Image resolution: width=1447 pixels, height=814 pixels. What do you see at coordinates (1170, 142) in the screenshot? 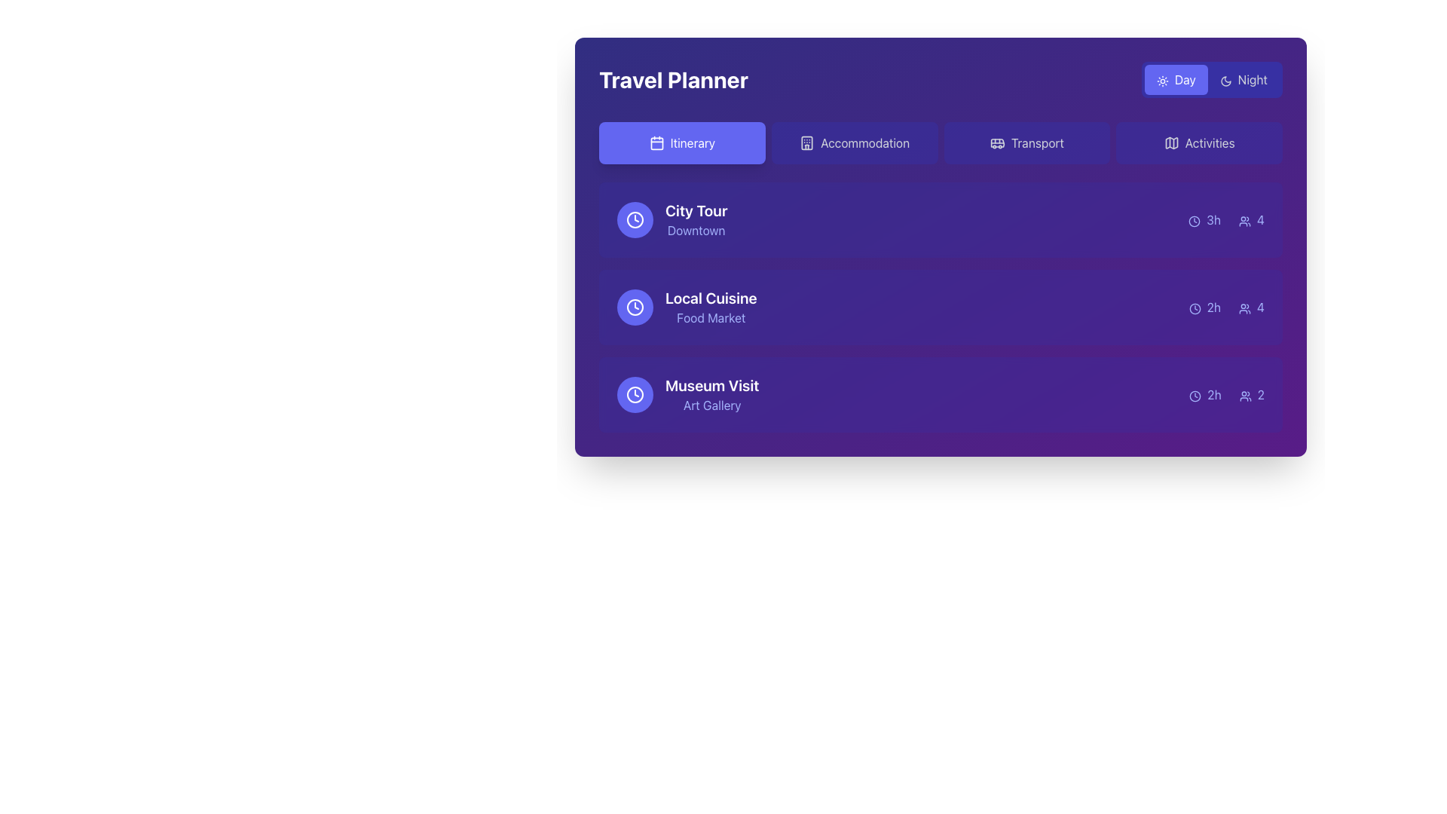
I see `the decorative map icon located in the top-right corner of the card-like UI section, adjacent to the 'Day' and 'Night' toggle buttons` at bounding box center [1170, 142].